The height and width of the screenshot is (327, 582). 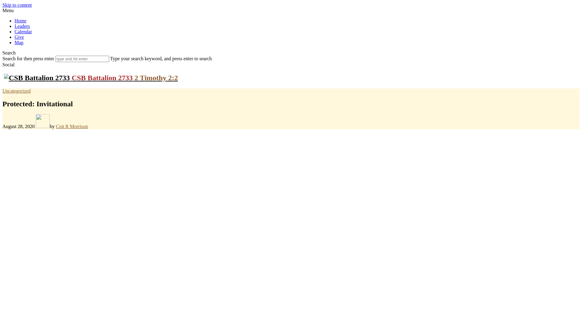 I want to click on 'Home', so click(x=20, y=20).